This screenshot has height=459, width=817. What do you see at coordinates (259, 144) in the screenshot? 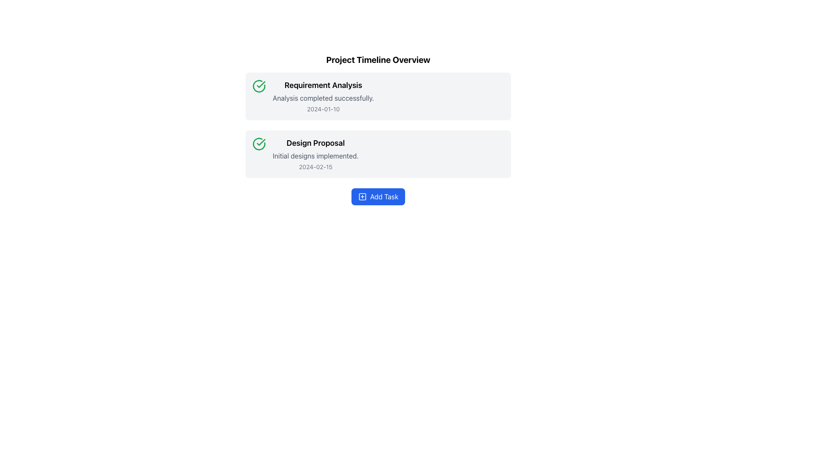
I see `the Icon that represents a completed task or status, located to the far left of the 'Design Proposal' entry` at bounding box center [259, 144].